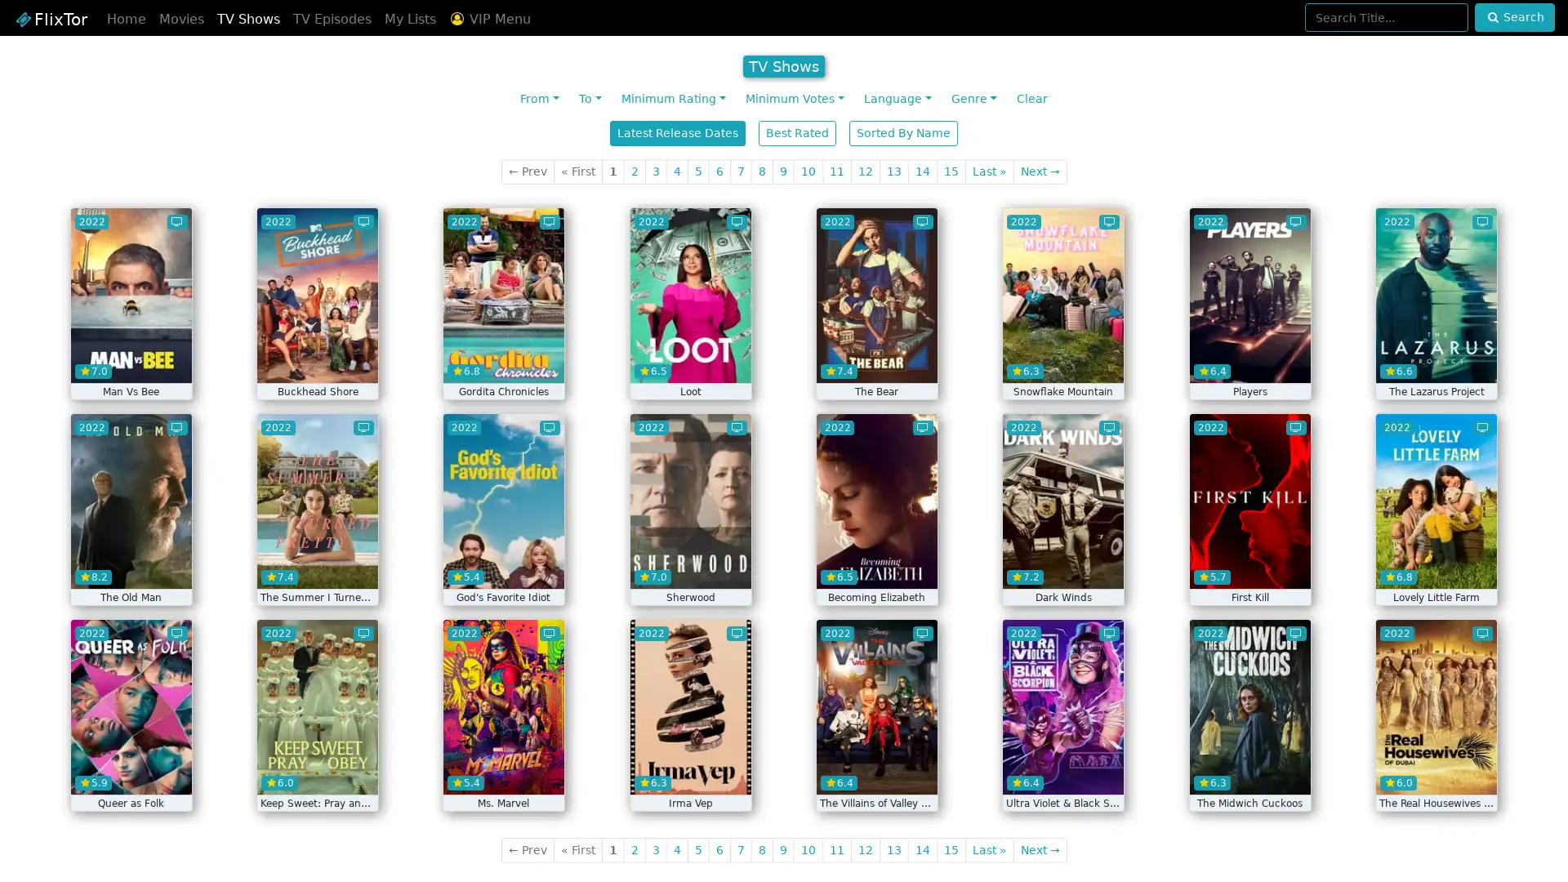 The width and height of the screenshot is (1568, 882). I want to click on Watch Now, so click(875, 771).